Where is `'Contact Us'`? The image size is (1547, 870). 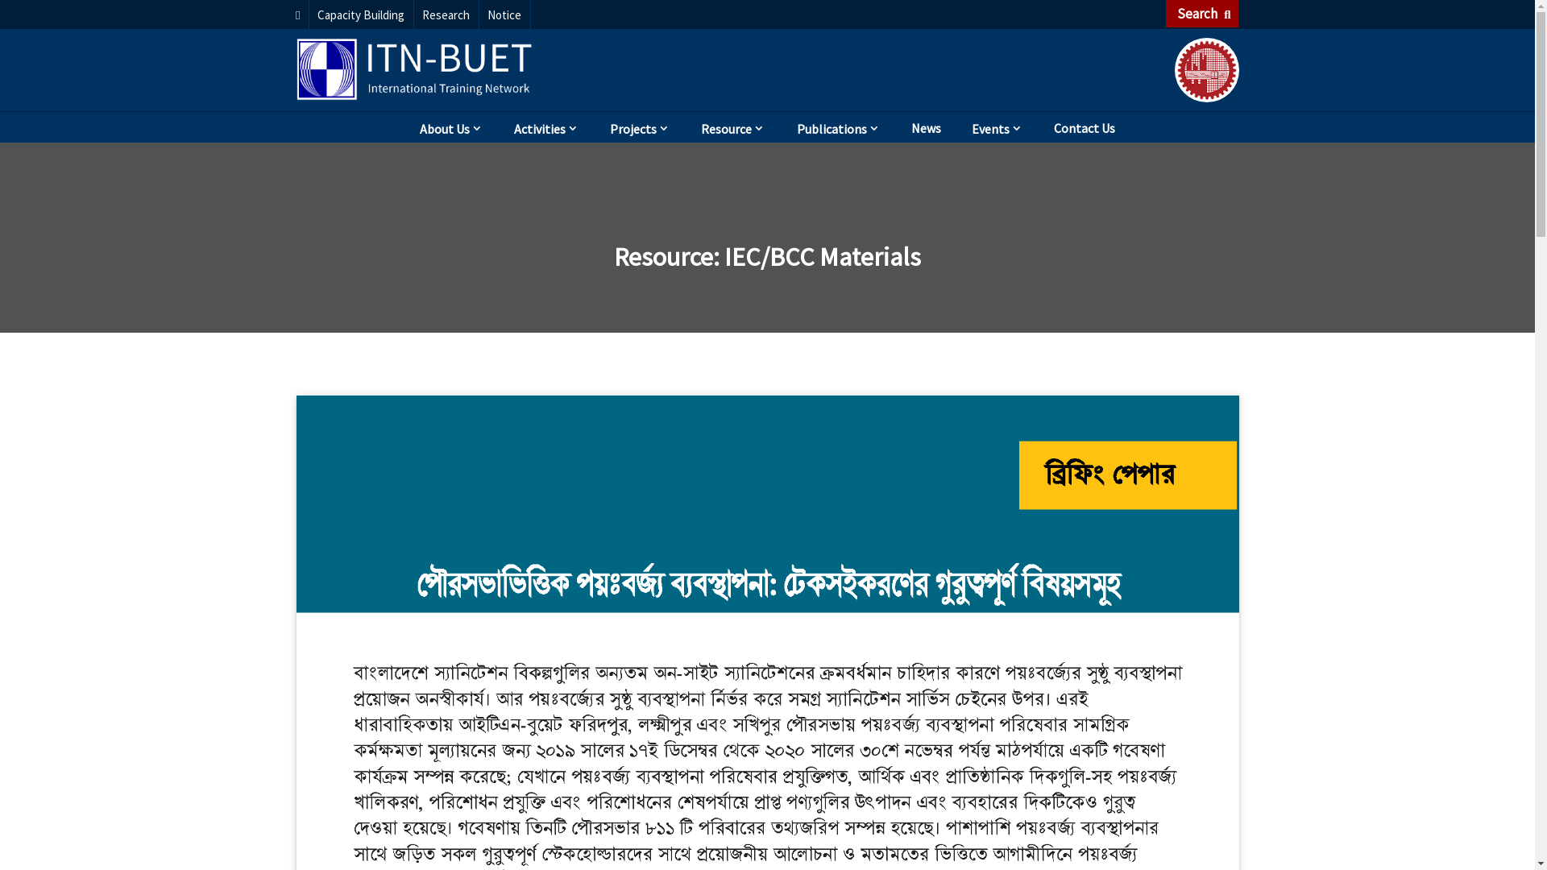 'Contact Us' is located at coordinates (1084, 126).